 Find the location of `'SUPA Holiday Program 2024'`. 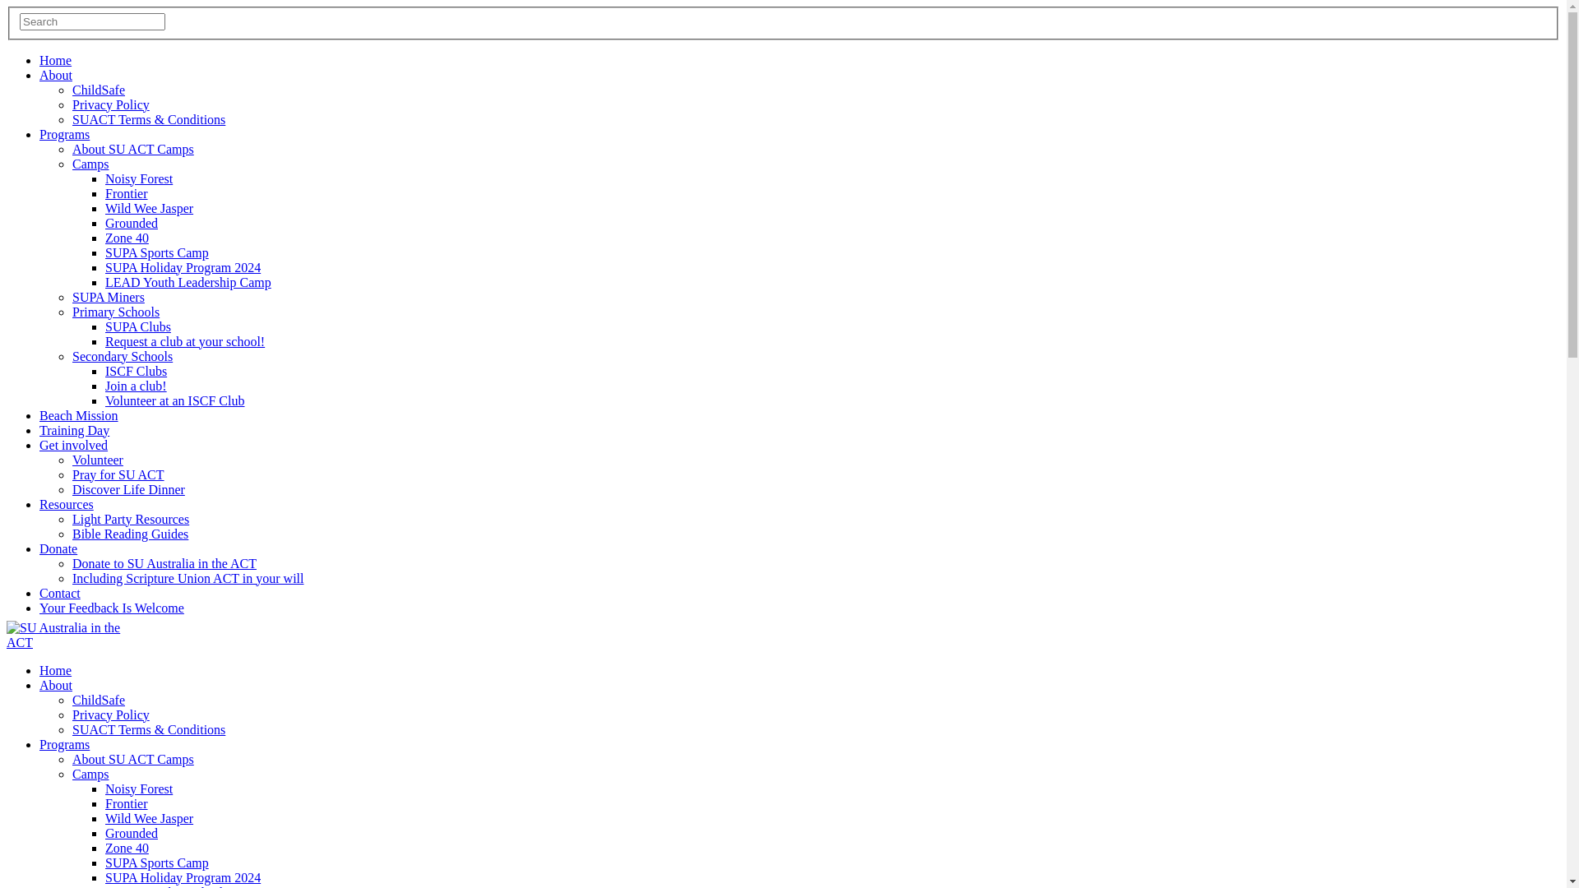

'SUPA Holiday Program 2024' is located at coordinates (104, 266).